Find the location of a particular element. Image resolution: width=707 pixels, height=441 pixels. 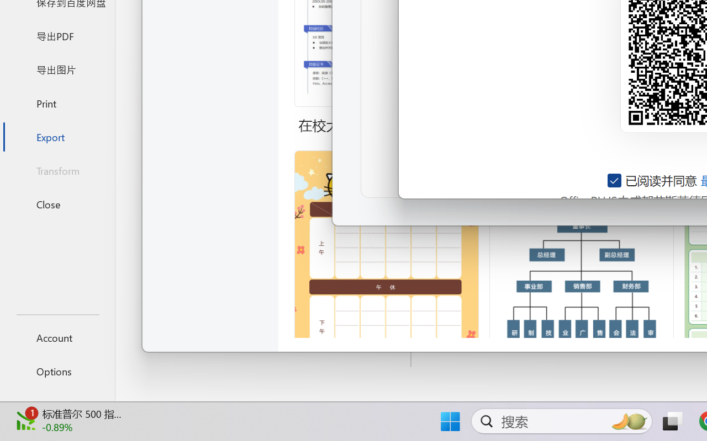

'AutomationID: checkbox-14' is located at coordinates (615, 180).